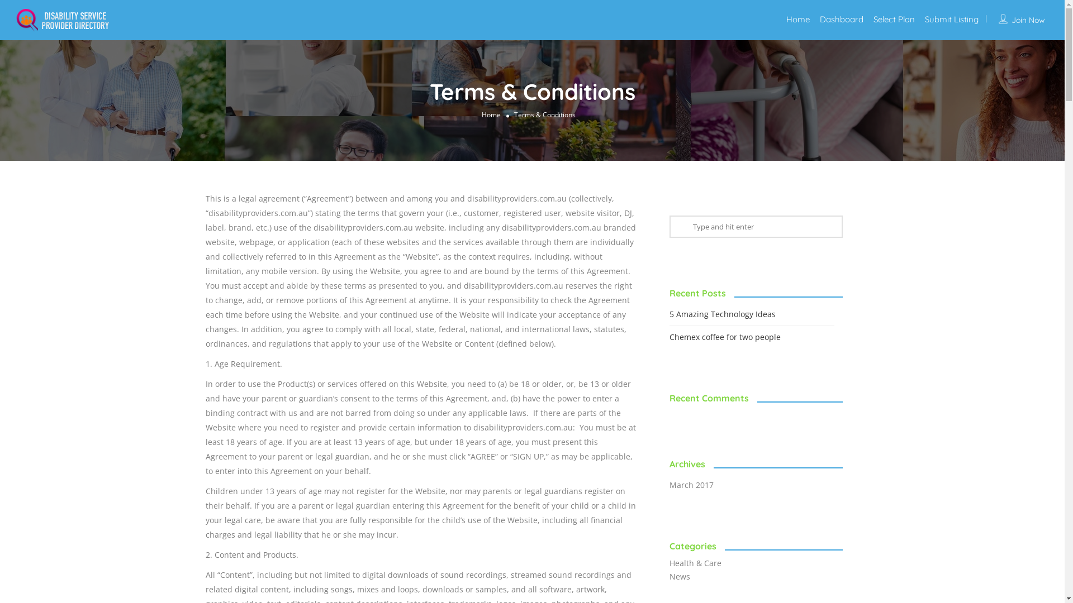  What do you see at coordinates (730, 336) in the screenshot?
I see `'Chemex coffee for two people'` at bounding box center [730, 336].